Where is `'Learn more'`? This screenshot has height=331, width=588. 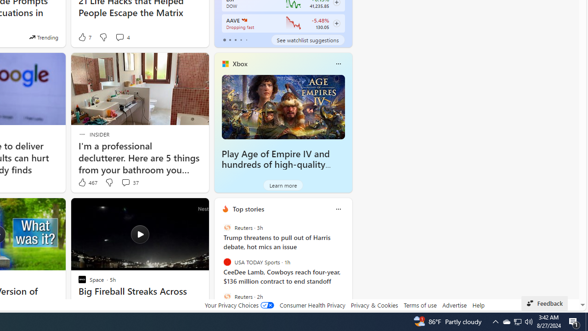 'Learn more' is located at coordinates (283, 185).